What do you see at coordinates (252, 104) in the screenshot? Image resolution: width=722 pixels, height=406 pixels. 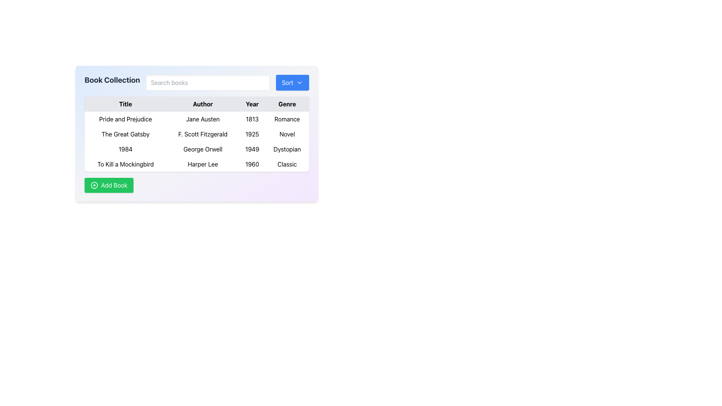 I see `the text label displaying 'Year' in bold font, which is part of the header row in a table, located near the upper center portion of the interface` at bounding box center [252, 104].